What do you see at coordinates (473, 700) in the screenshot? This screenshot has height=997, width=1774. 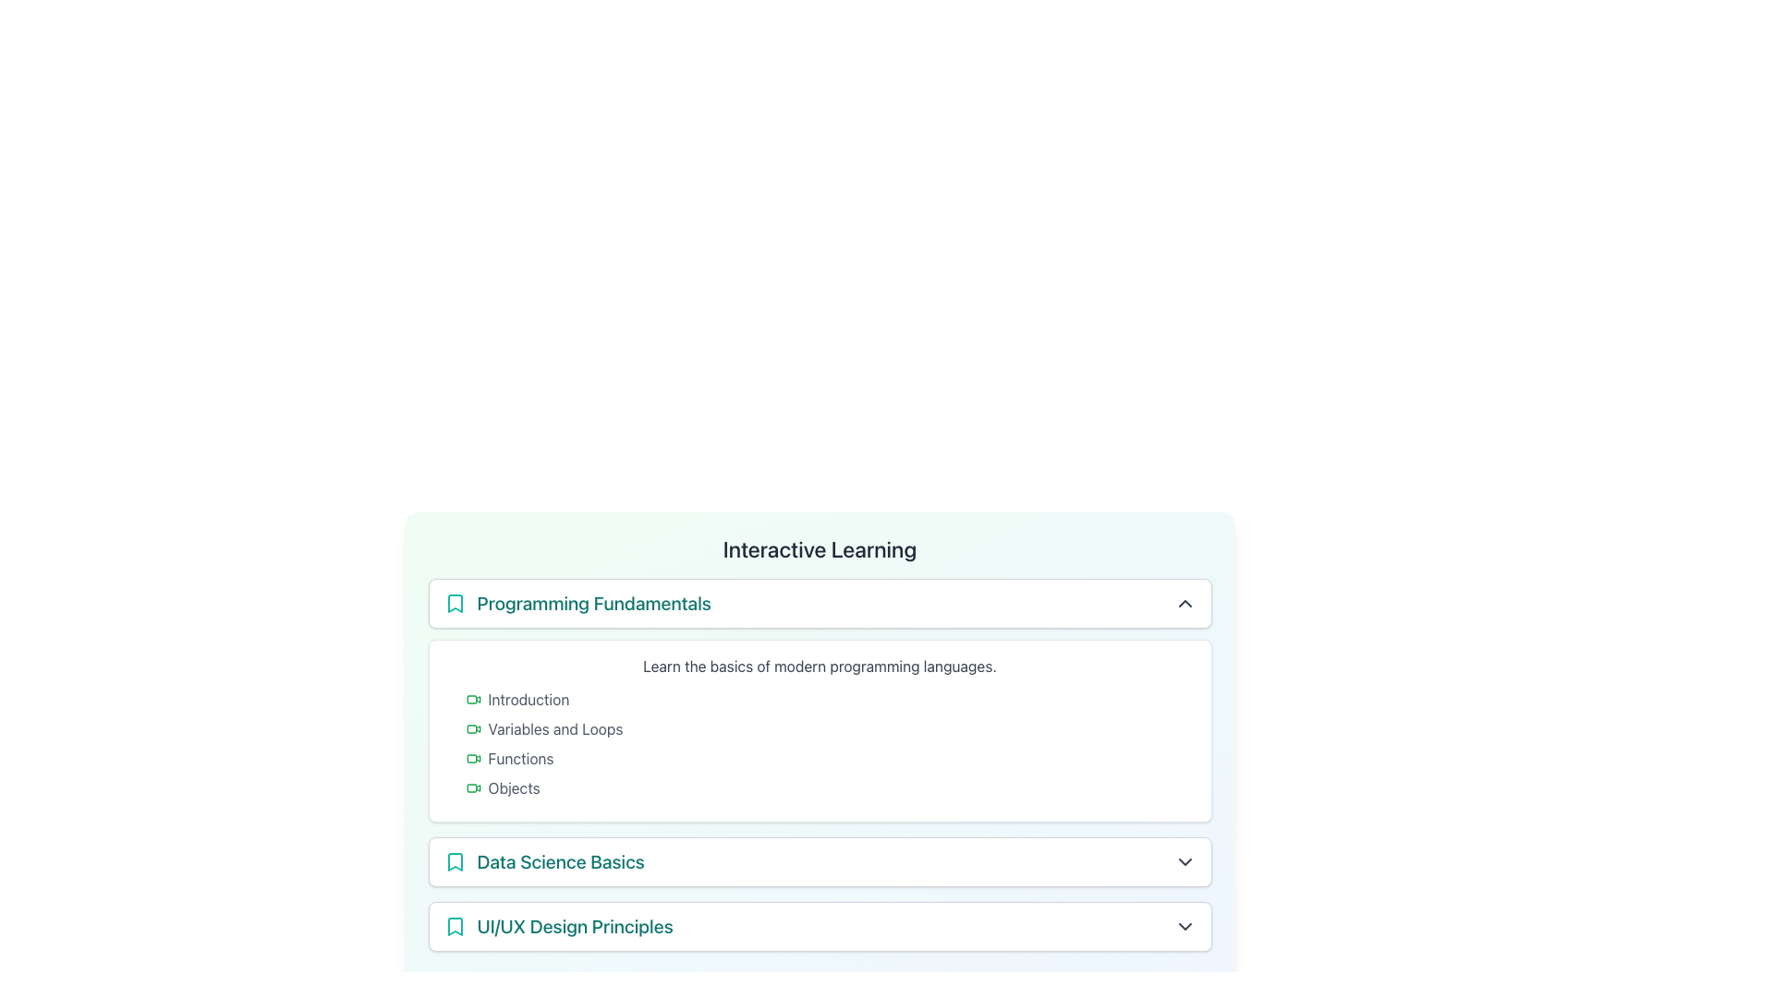 I see `the video resource icon associated with the 'Introduction' entry in the 'Programming Fundamentals' section` at bounding box center [473, 700].